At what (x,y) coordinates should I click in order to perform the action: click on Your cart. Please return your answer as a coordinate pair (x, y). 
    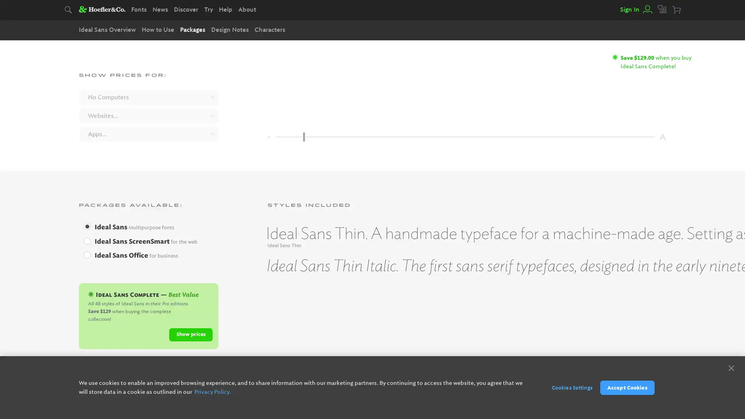
    Looking at the image, I should click on (677, 10).